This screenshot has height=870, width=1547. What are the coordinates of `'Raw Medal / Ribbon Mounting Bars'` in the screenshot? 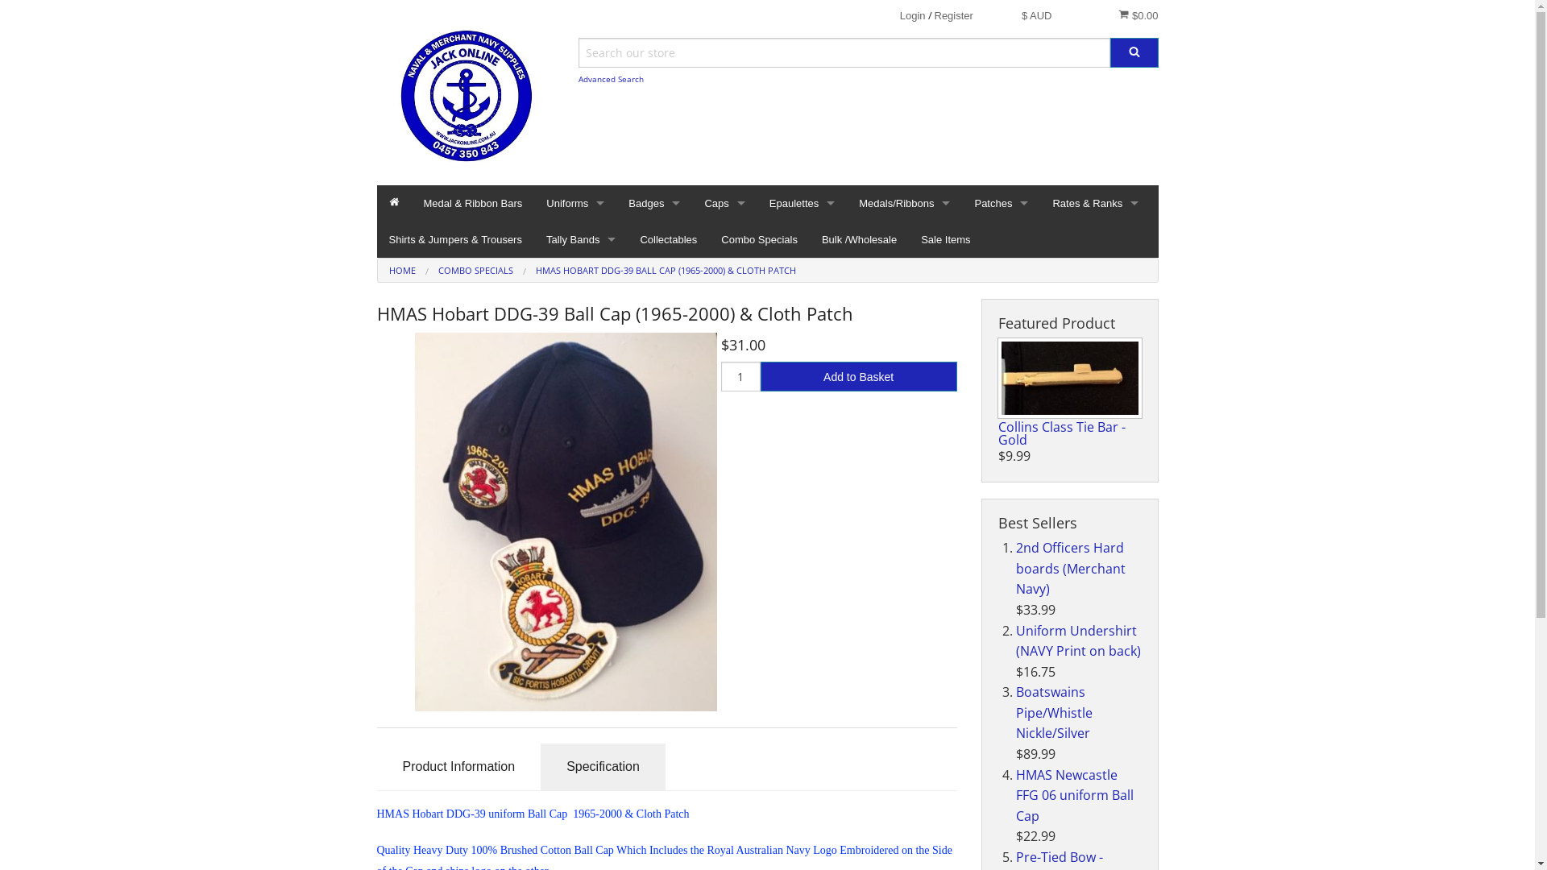 It's located at (904, 441).